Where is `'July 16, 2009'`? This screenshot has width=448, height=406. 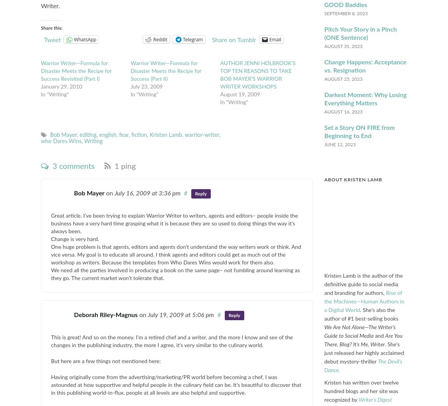
'July 16, 2009' is located at coordinates (133, 193).